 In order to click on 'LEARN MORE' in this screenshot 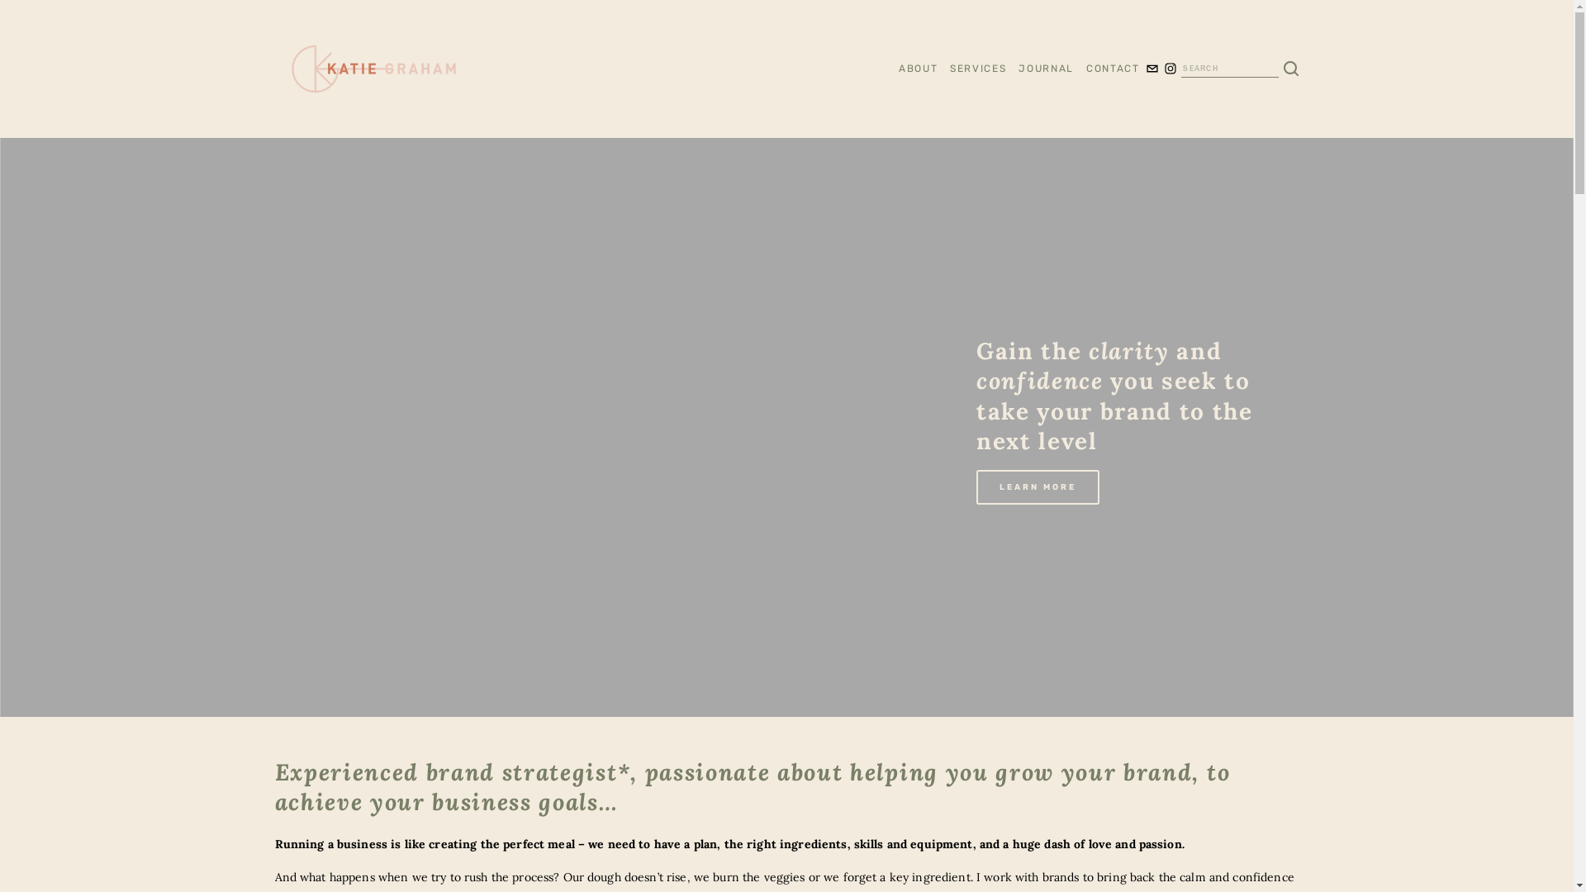, I will do `click(1037, 486)`.